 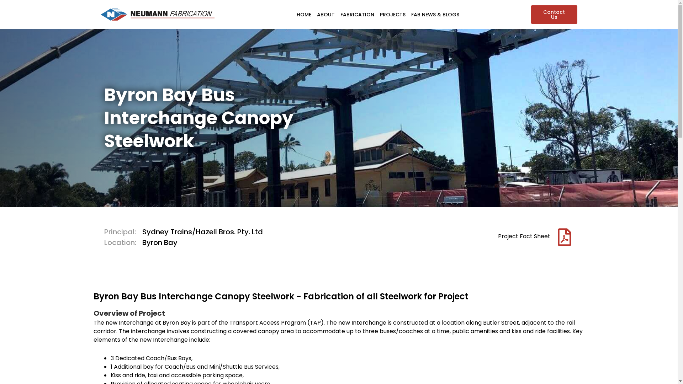 I want to click on 'Contact Us', so click(x=553, y=15).